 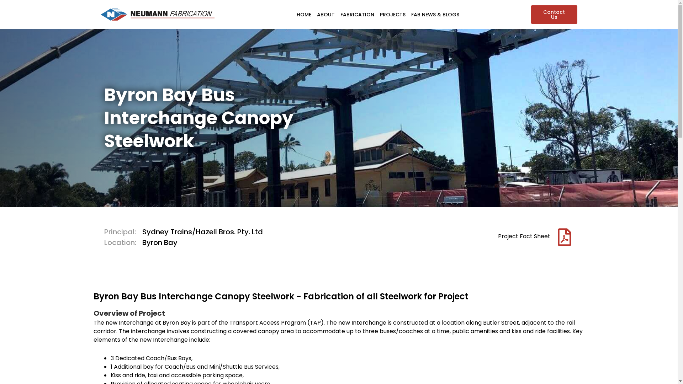 I want to click on 'Contact Us', so click(x=553, y=15).